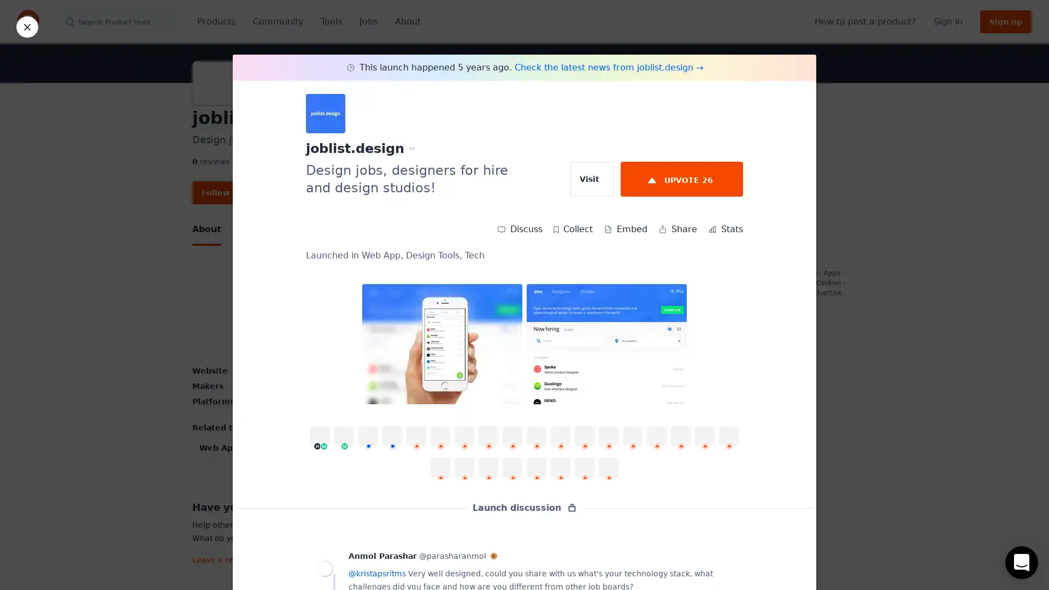 This screenshot has height=590, width=1049. Describe the element at coordinates (410, 556) in the screenshot. I see `Leave a review` at that location.